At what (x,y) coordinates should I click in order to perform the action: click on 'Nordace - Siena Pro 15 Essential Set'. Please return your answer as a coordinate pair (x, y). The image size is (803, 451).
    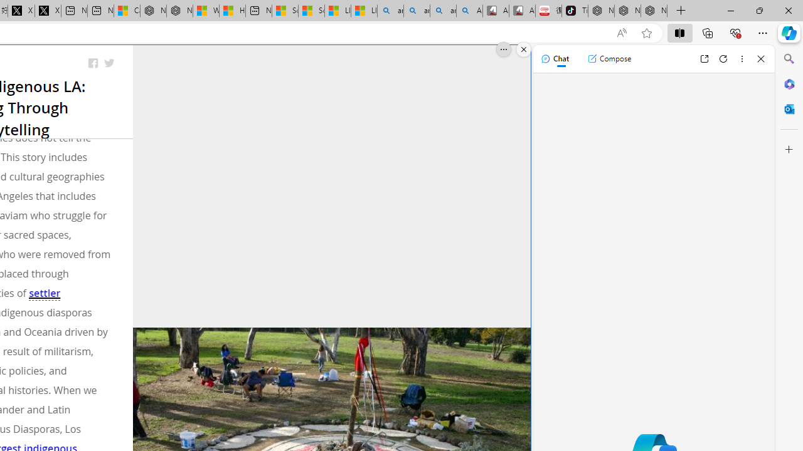
    Looking at the image, I should click on (653, 11).